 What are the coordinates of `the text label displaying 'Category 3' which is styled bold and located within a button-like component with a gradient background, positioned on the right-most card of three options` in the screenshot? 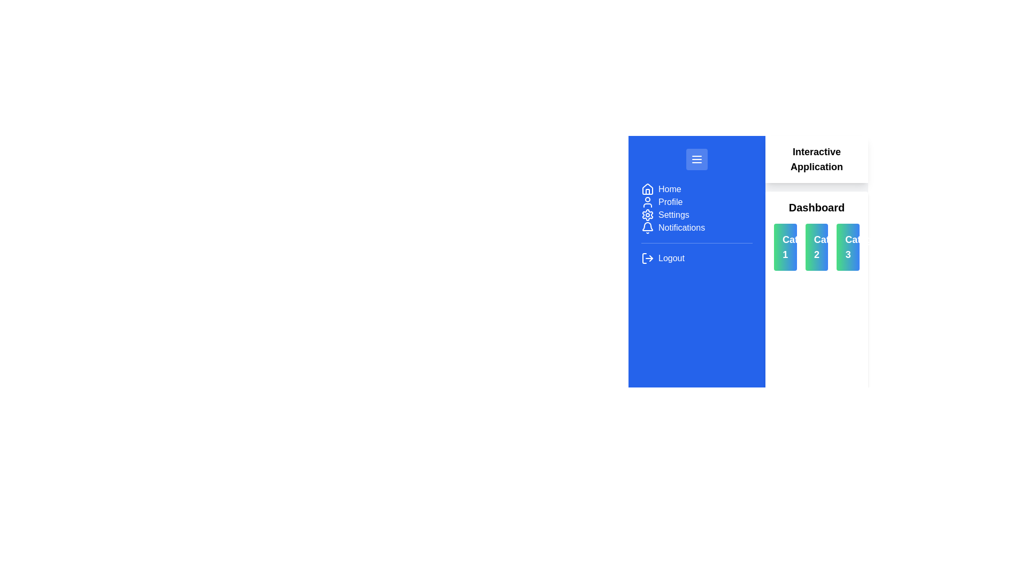 It's located at (847, 247).